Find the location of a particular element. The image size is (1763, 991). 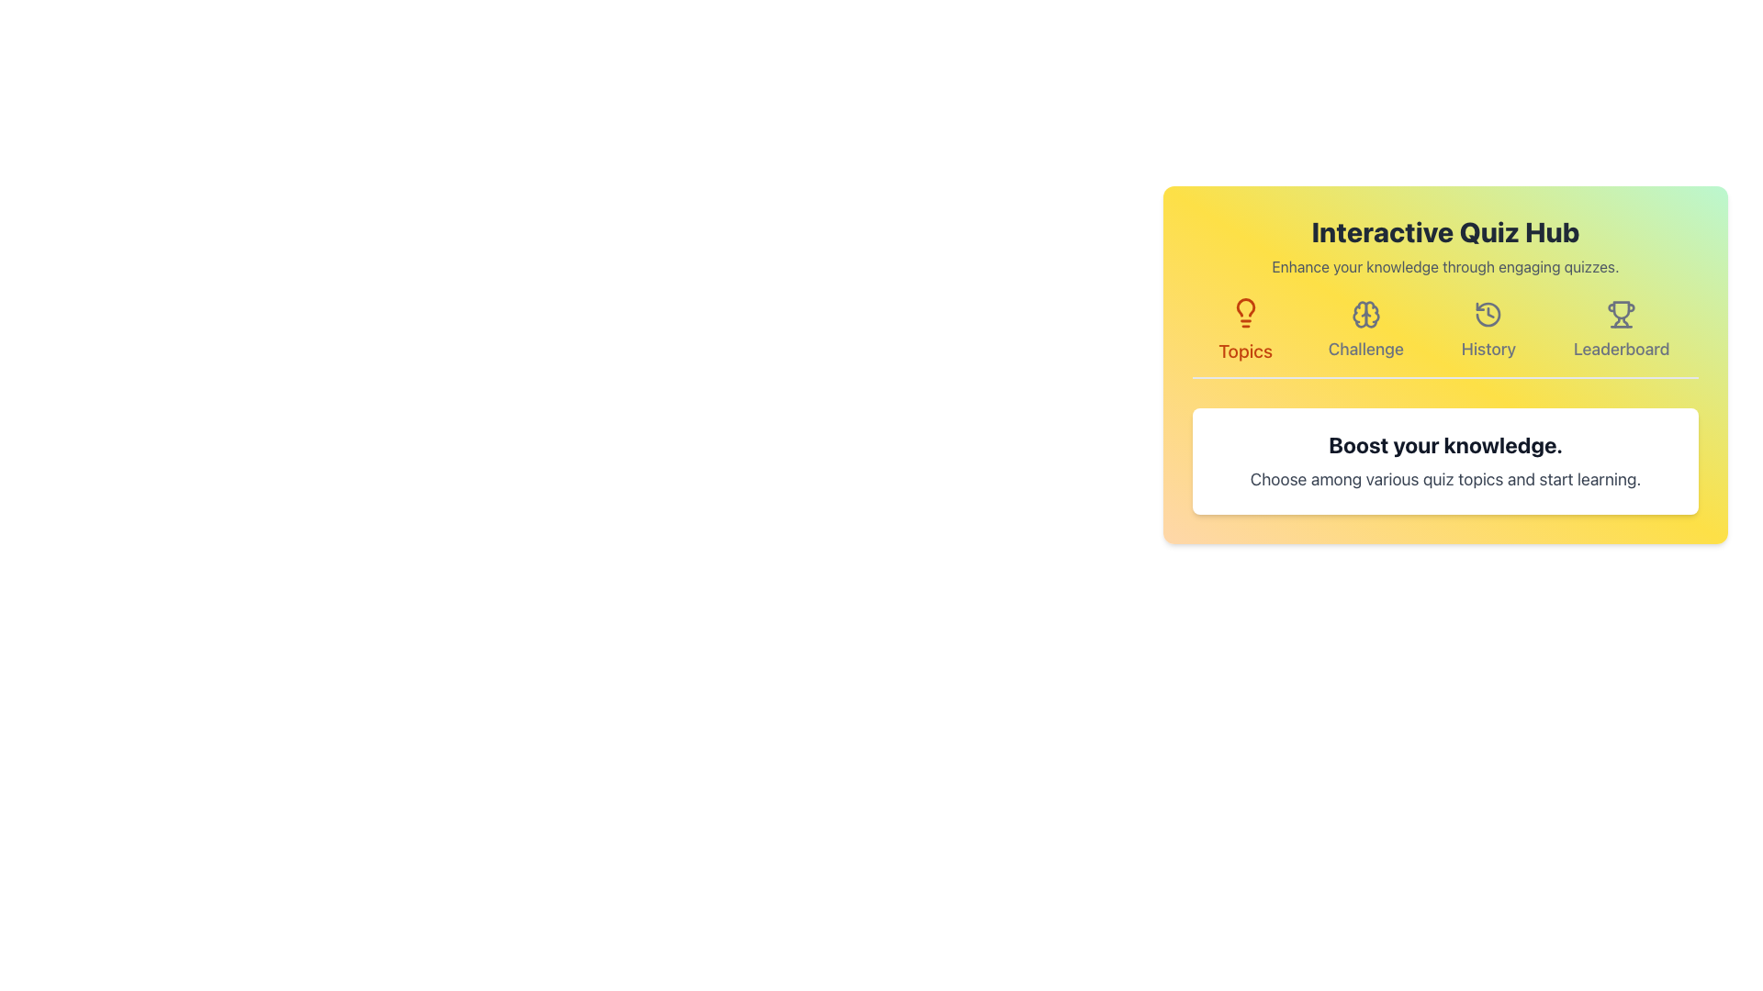

the interactive elements within the Informational Card that has a gradient background transitioning from orange to green, located centrally in the upper portion of the visible area is located at coordinates (1444, 364).